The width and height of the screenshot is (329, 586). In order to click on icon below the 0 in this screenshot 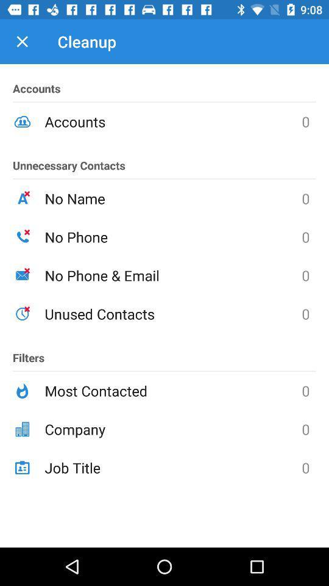, I will do `click(172, 429)`.